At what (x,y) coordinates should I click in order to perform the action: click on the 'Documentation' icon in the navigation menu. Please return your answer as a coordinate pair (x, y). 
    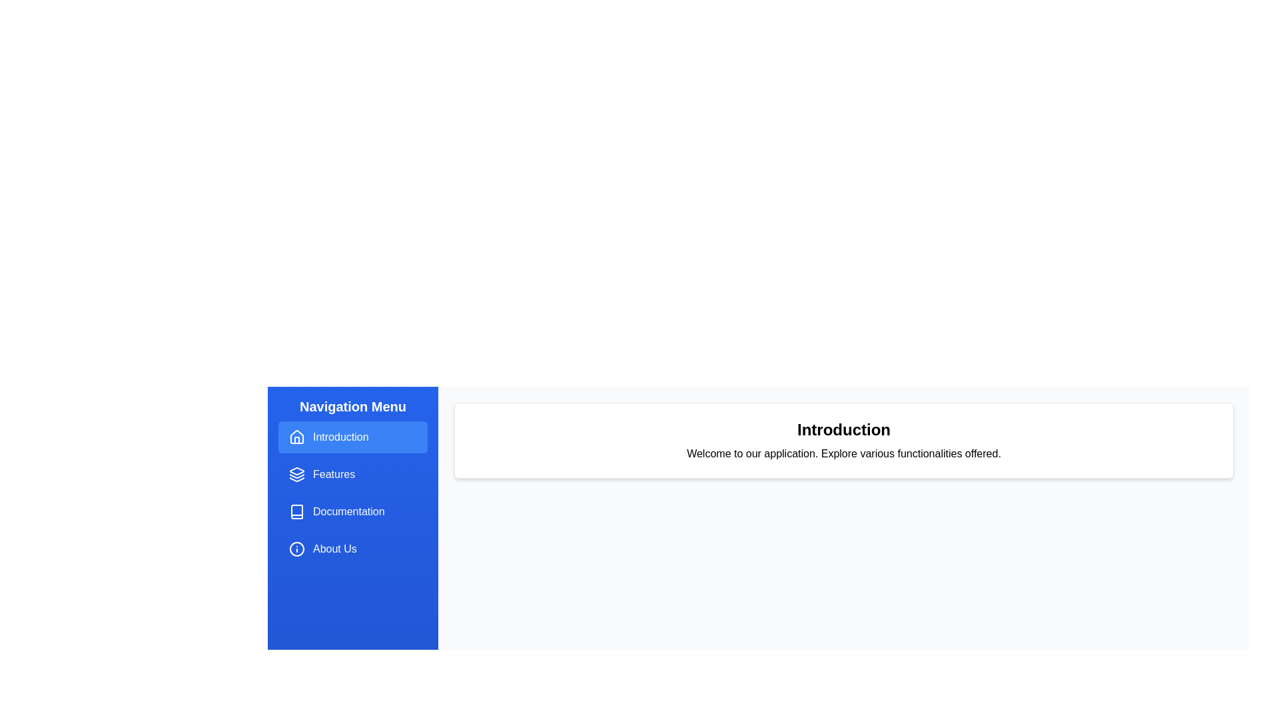
    Looking at the image, I should click on (296, 511).